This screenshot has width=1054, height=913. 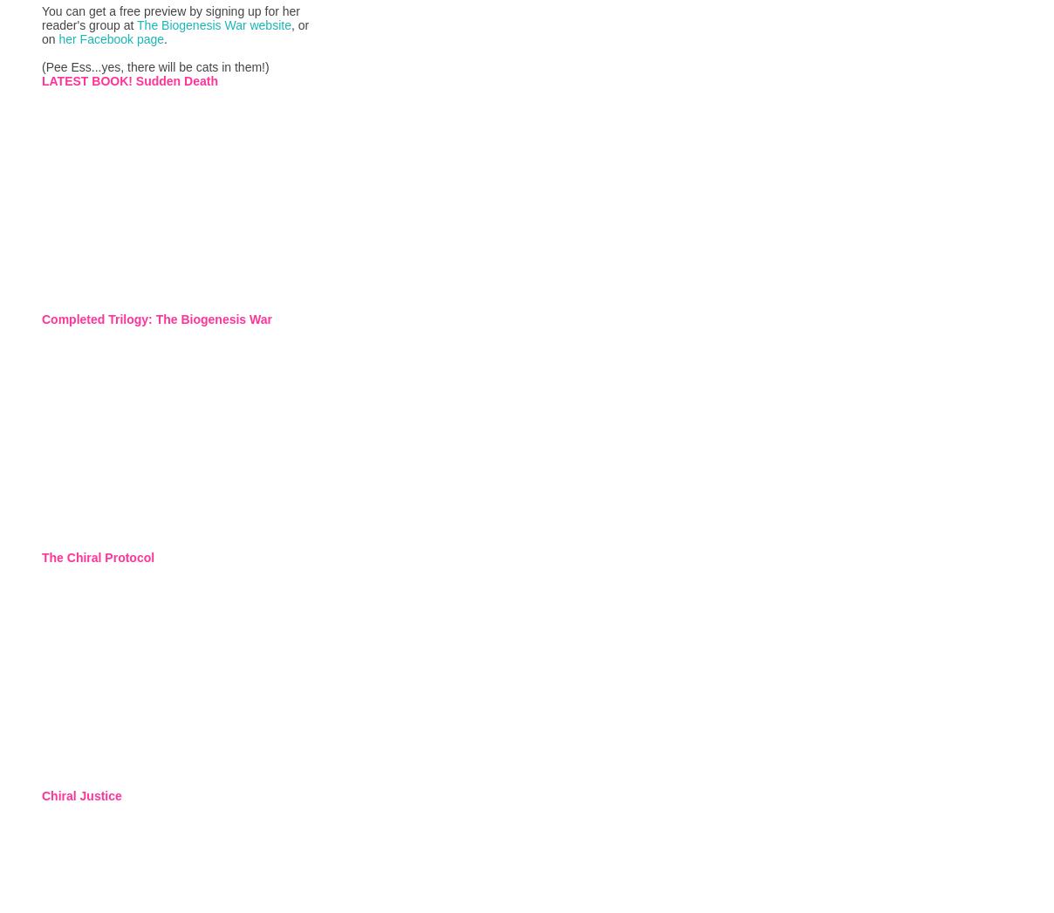 I want to click on 'You can get a free preview by signing up for her reader's group at', so click(x=171, y=16).